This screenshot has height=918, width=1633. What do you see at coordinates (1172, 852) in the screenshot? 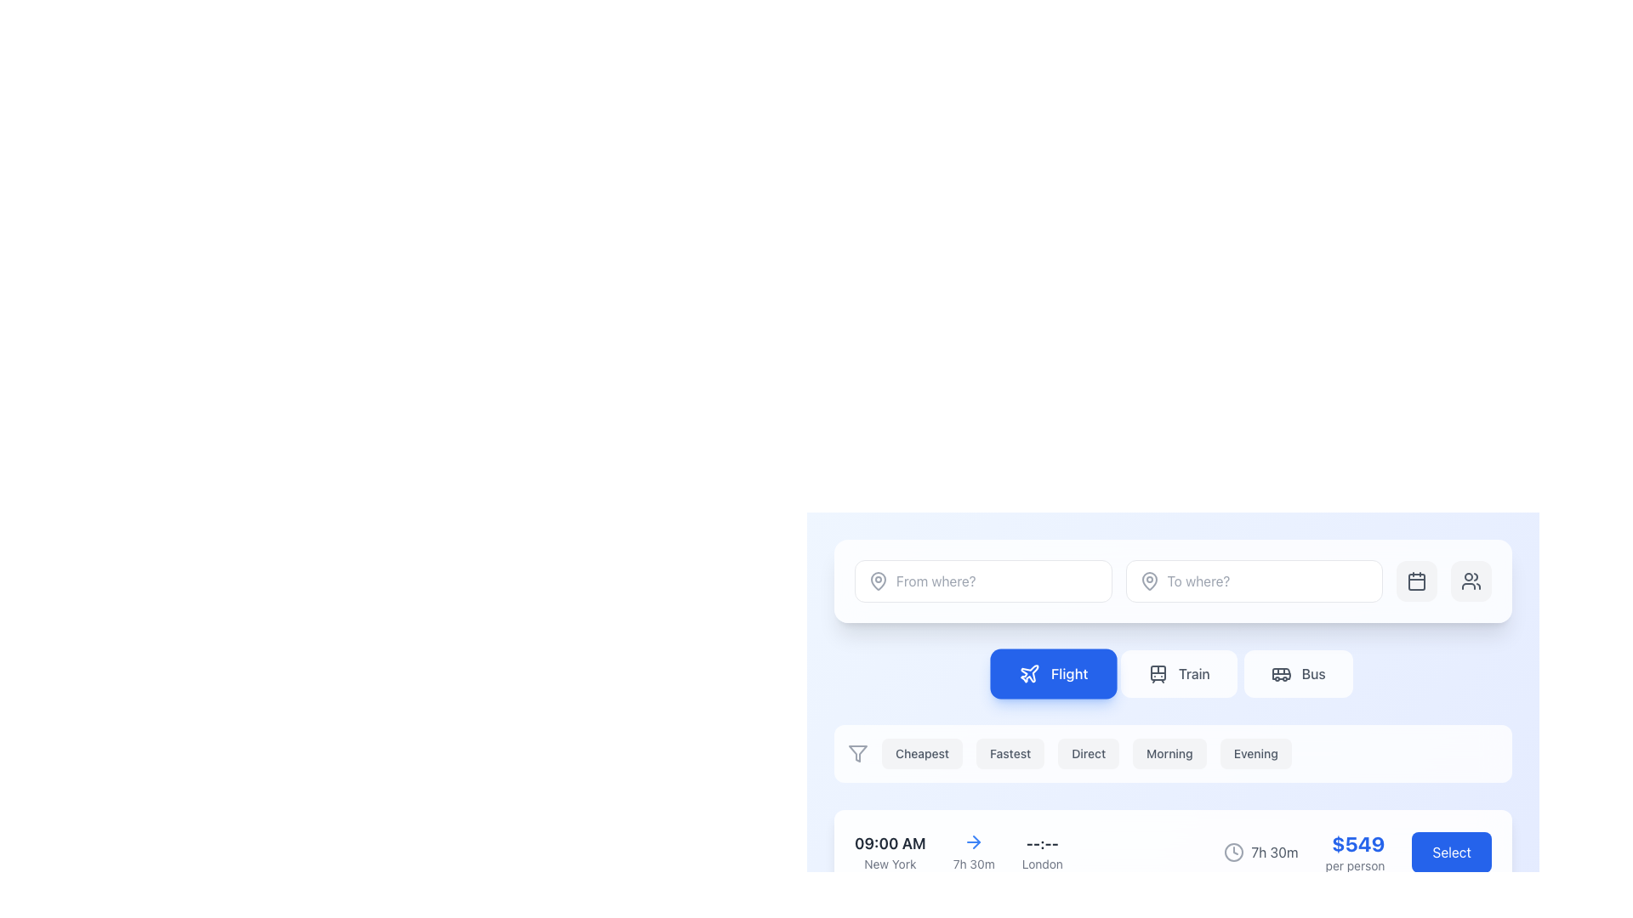
I see `to select the first flight option displayed in the interactive card showing flight details, located at the top of the list underneath the filters and transportation selection options` at bounding box center [1172, 852].